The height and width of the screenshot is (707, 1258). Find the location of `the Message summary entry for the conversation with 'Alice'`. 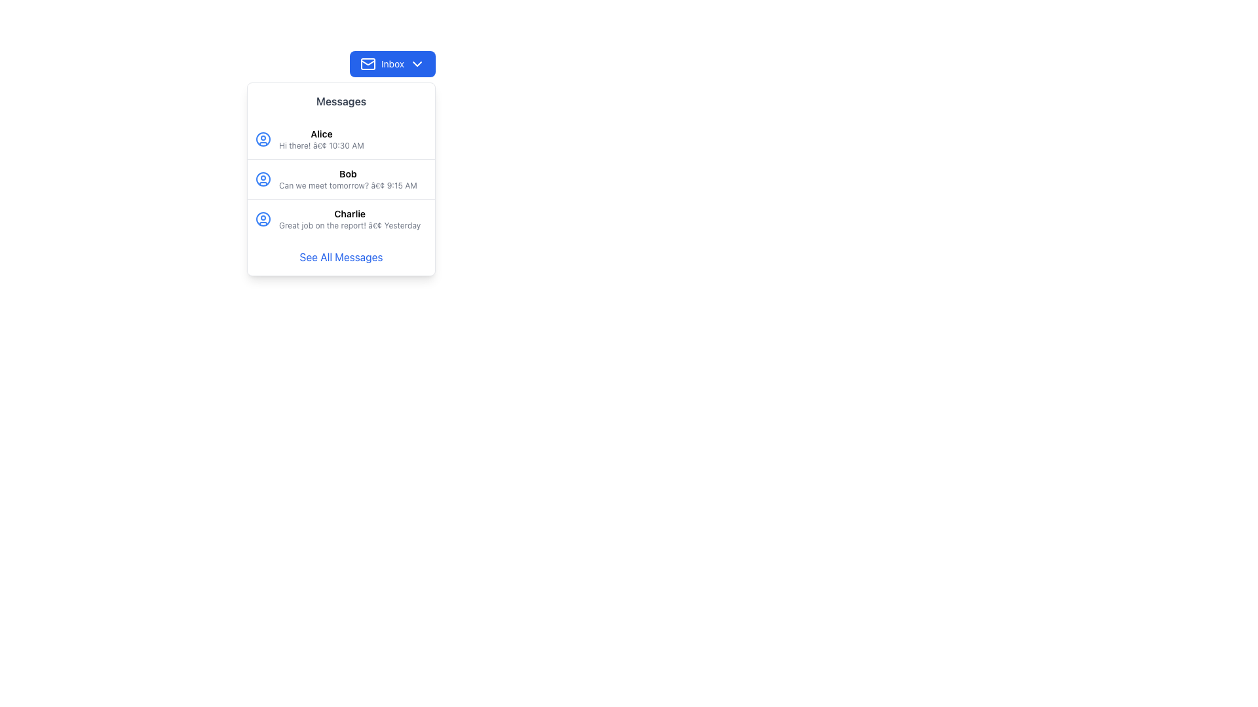

the Message summary entry for the conversation with 'Alice' is located at coordinates (321, 139).